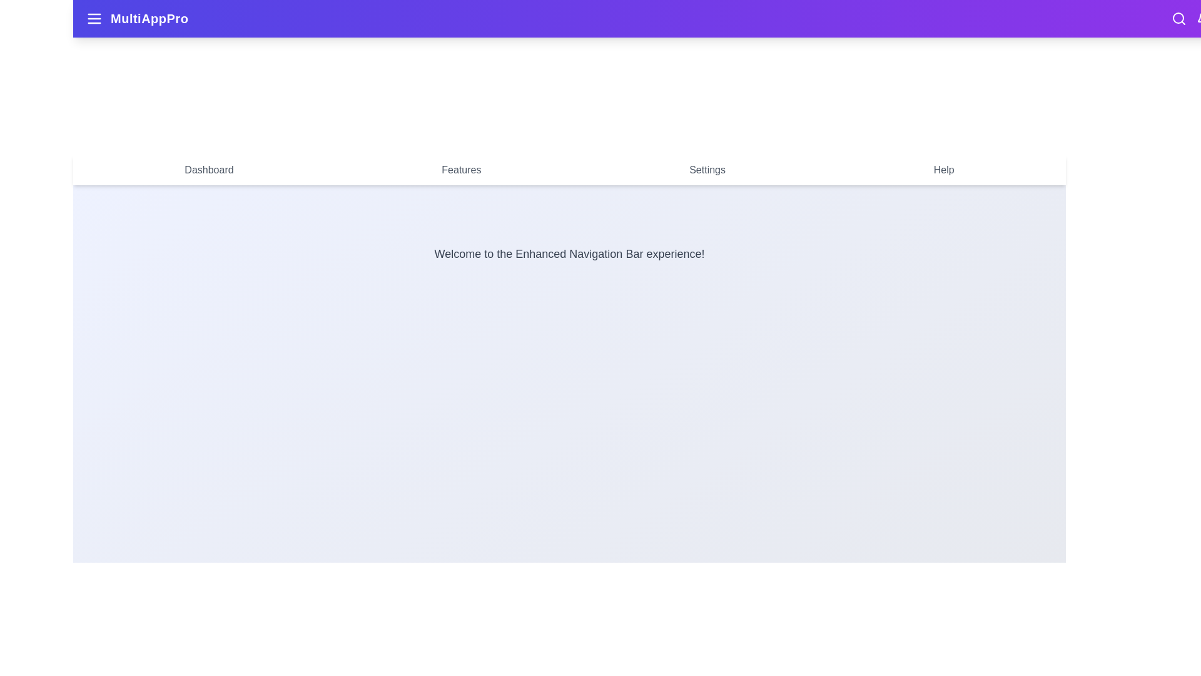  I want to click on the navigation menu item labeled Dashboard, so click(209, 170).